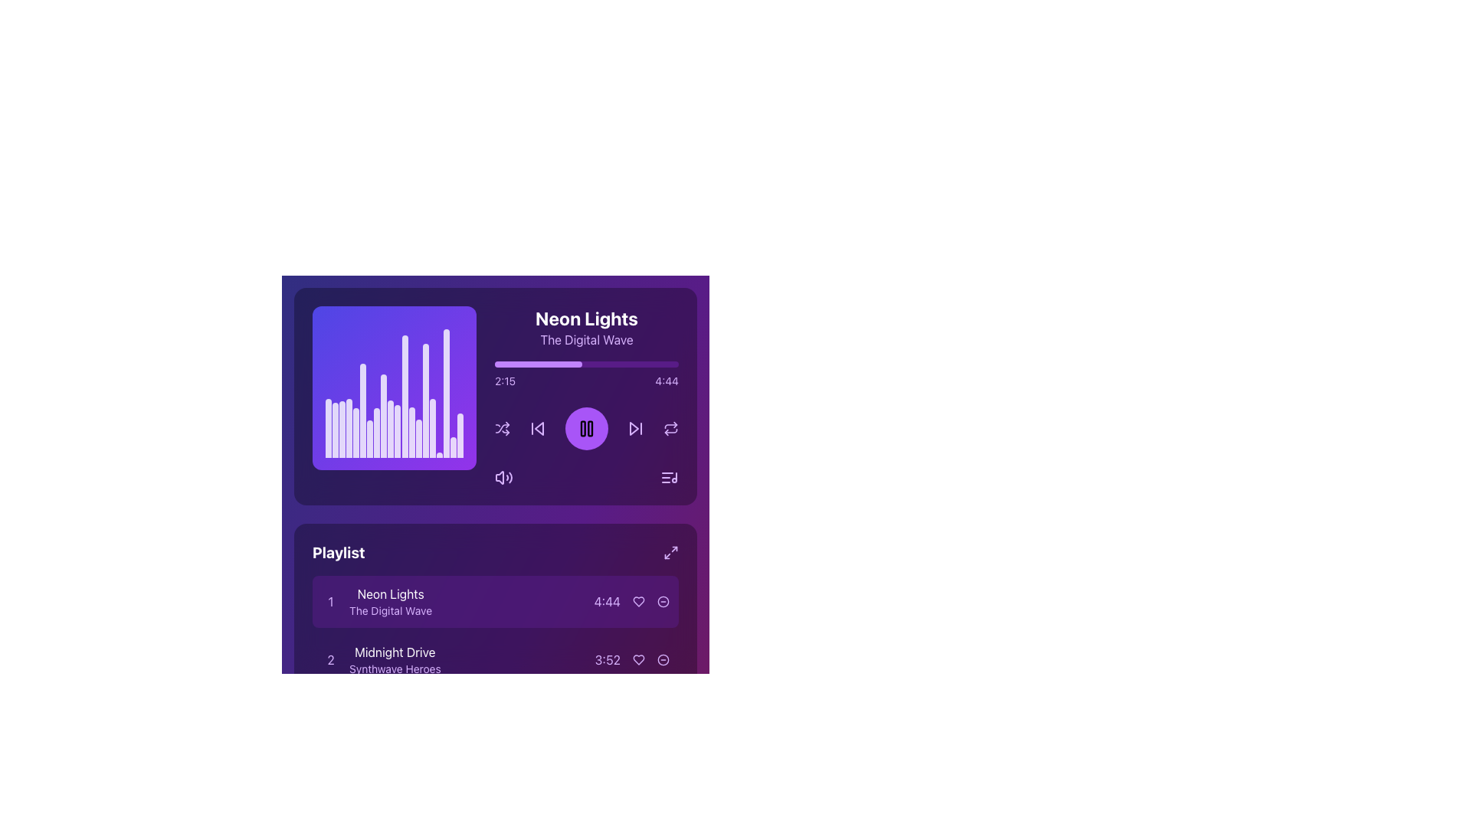 This screenshot has height=827, width=1471. What do you see at coordinates (539, 477) in the screenshot?
I see `the volume slider` at bounding box center [539, 477].